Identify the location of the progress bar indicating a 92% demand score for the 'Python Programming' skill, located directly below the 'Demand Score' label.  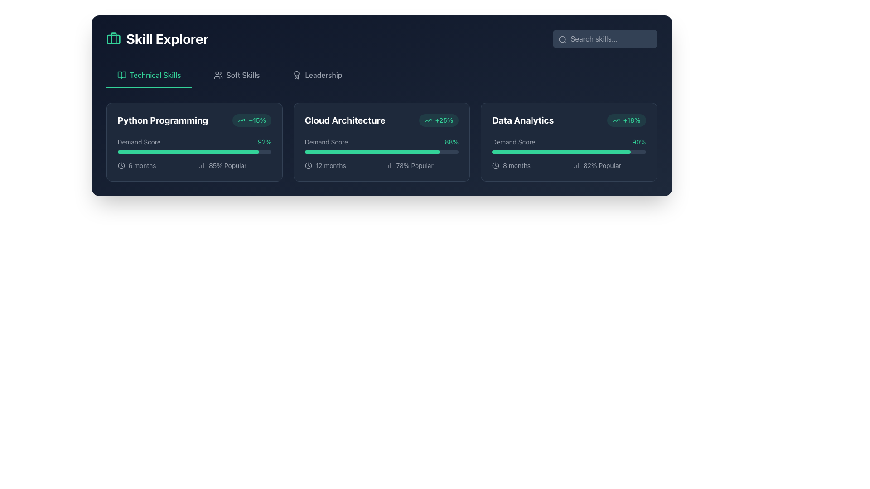
(188, 151).